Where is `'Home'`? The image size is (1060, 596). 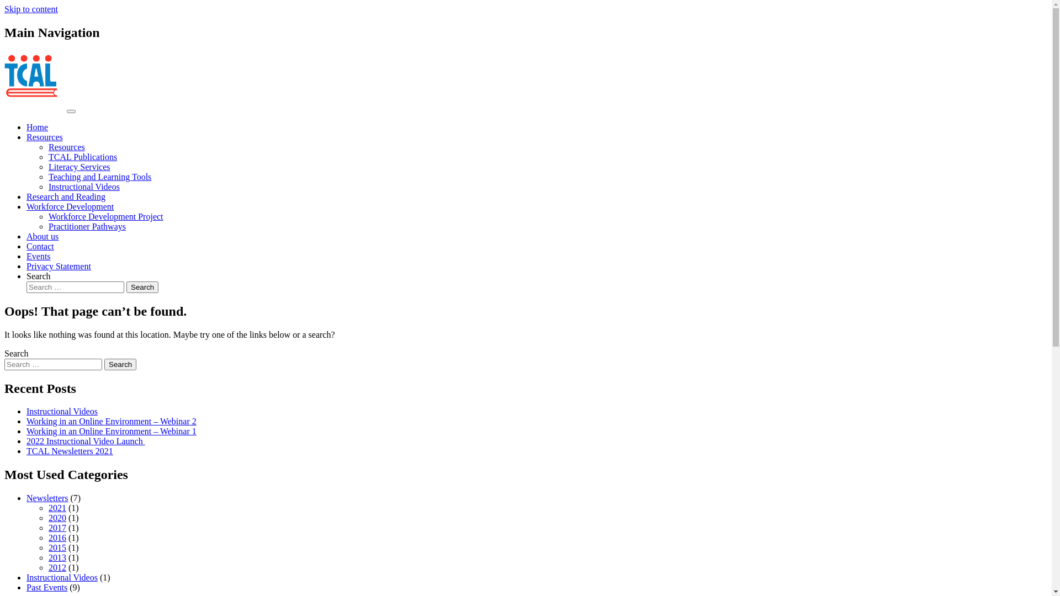
'Home' is located at coordinates (26, 126).